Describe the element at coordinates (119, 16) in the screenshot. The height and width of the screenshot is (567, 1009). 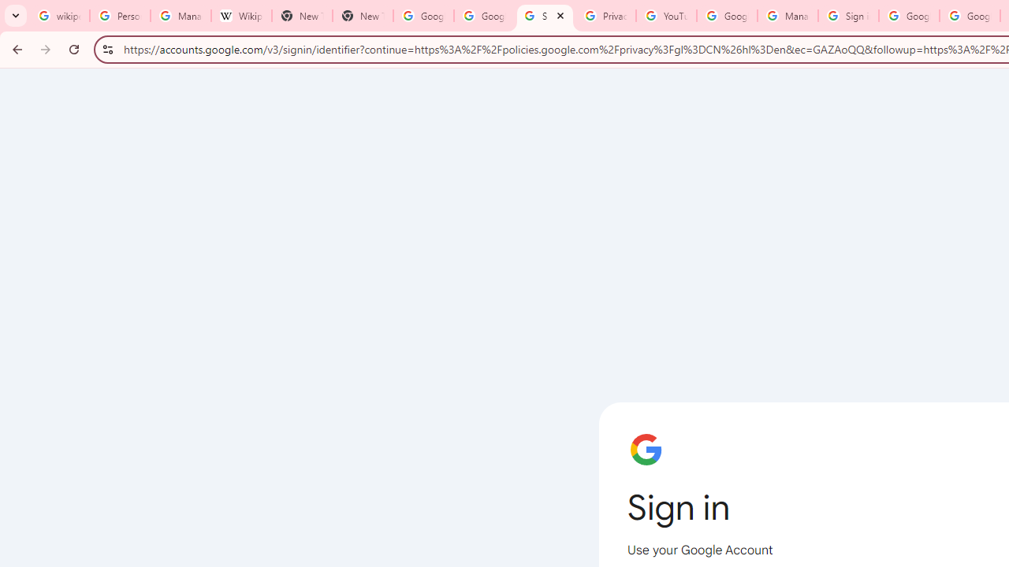
I see `'Personalization & Google Search results - Google Search Help'` at that location.